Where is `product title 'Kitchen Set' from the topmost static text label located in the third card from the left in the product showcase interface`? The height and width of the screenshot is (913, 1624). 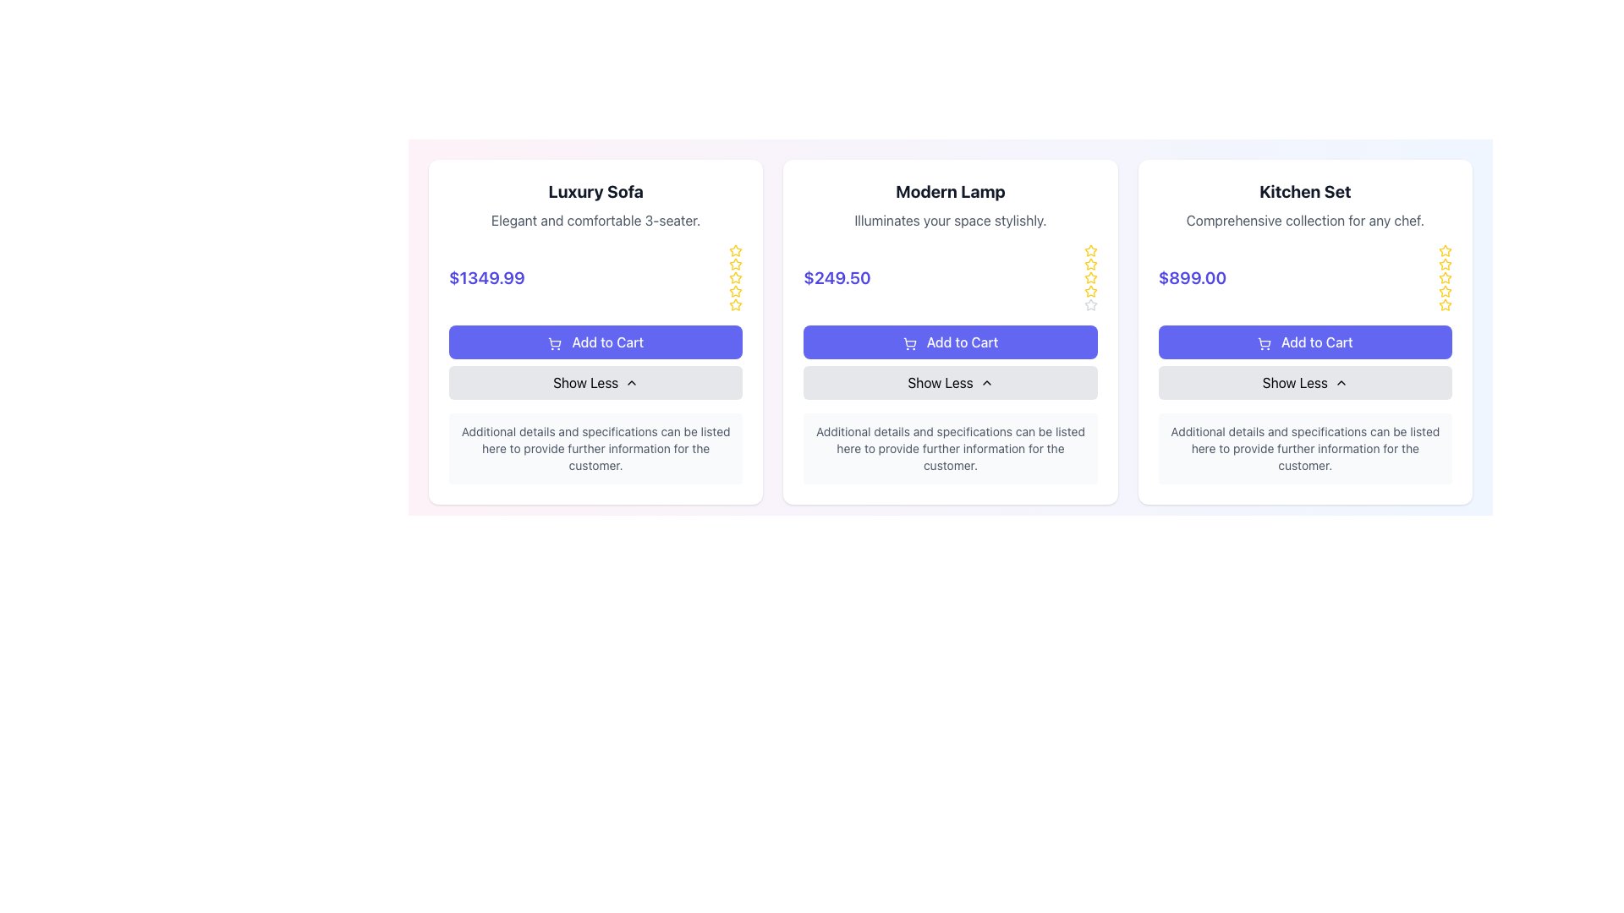
product title 'Kitchen Set' from the topmost static text label located in the third card from the left in the product showcase interface is located at coordinates (1304, 191).